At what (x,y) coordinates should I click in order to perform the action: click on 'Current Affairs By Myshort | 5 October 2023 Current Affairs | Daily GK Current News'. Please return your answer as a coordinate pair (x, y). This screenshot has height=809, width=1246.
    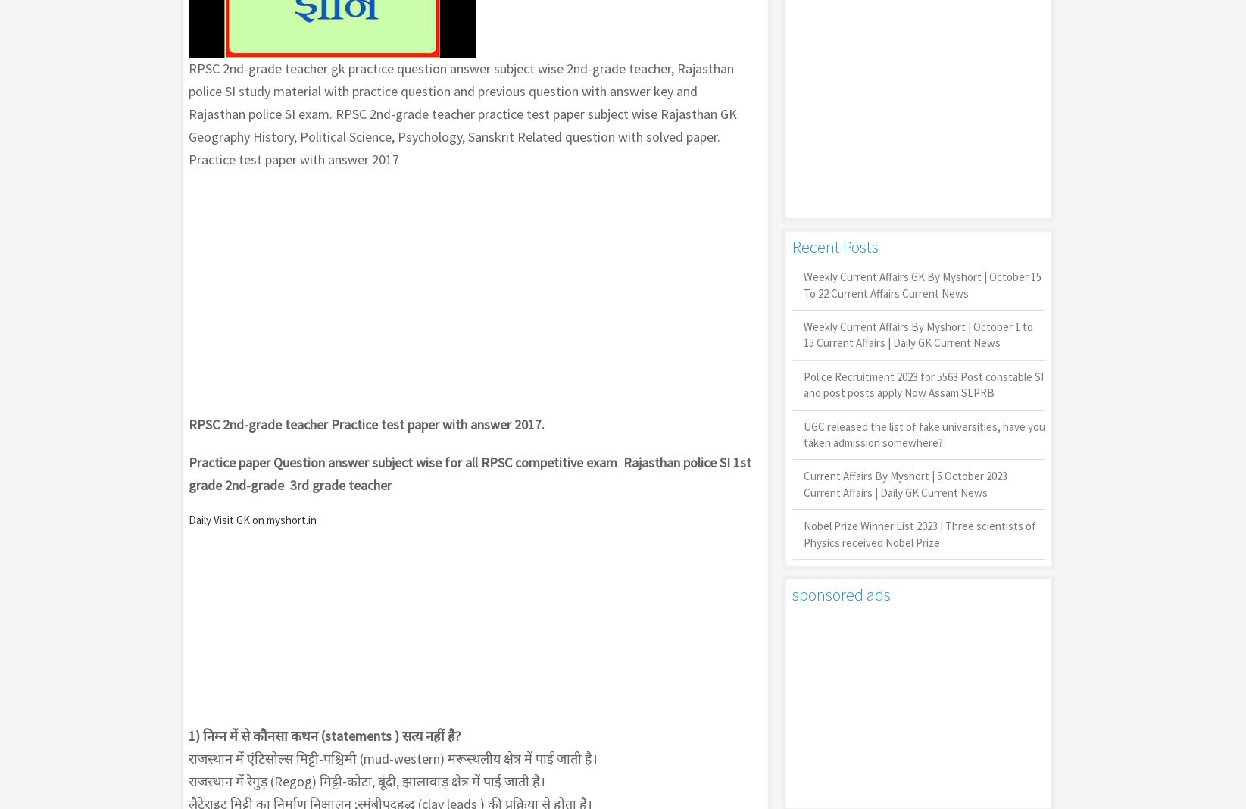
    Looking at the image, I should click on (904, 483).